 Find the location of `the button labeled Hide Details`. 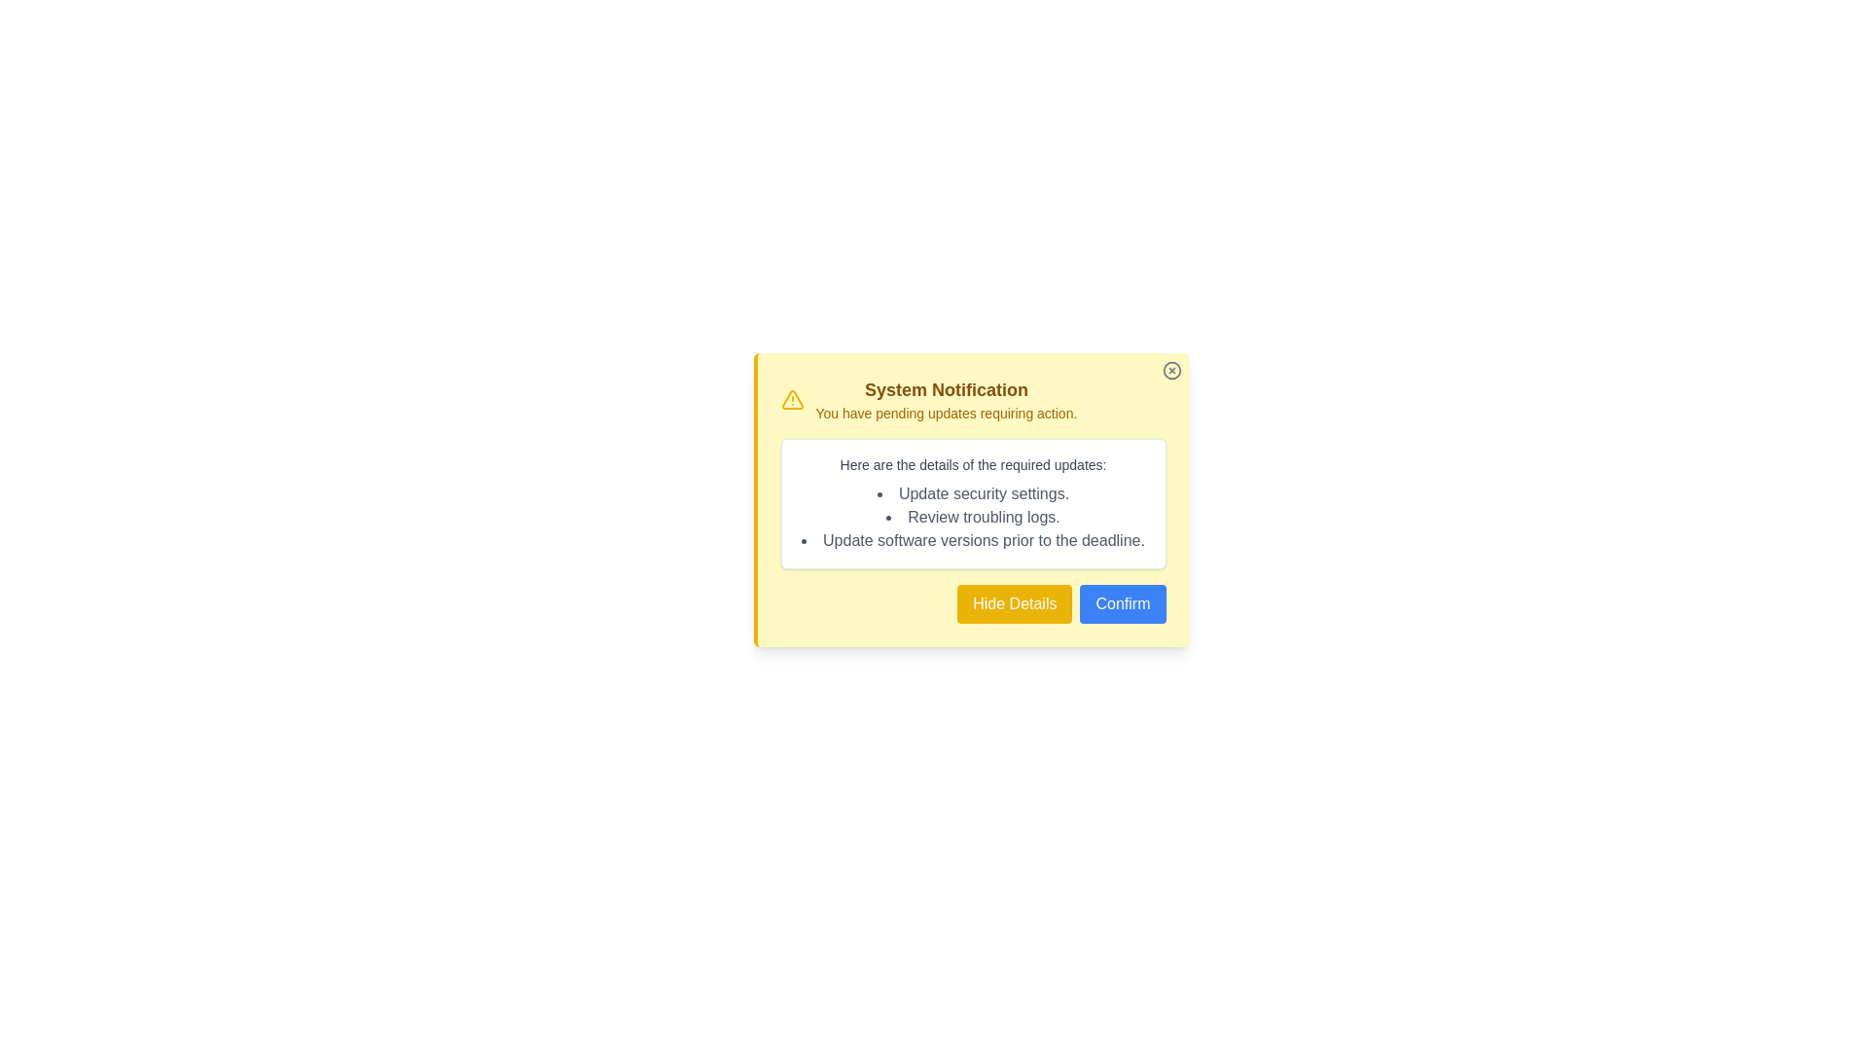

the button labeled Hide Details is located at coordinates (1014, 603).